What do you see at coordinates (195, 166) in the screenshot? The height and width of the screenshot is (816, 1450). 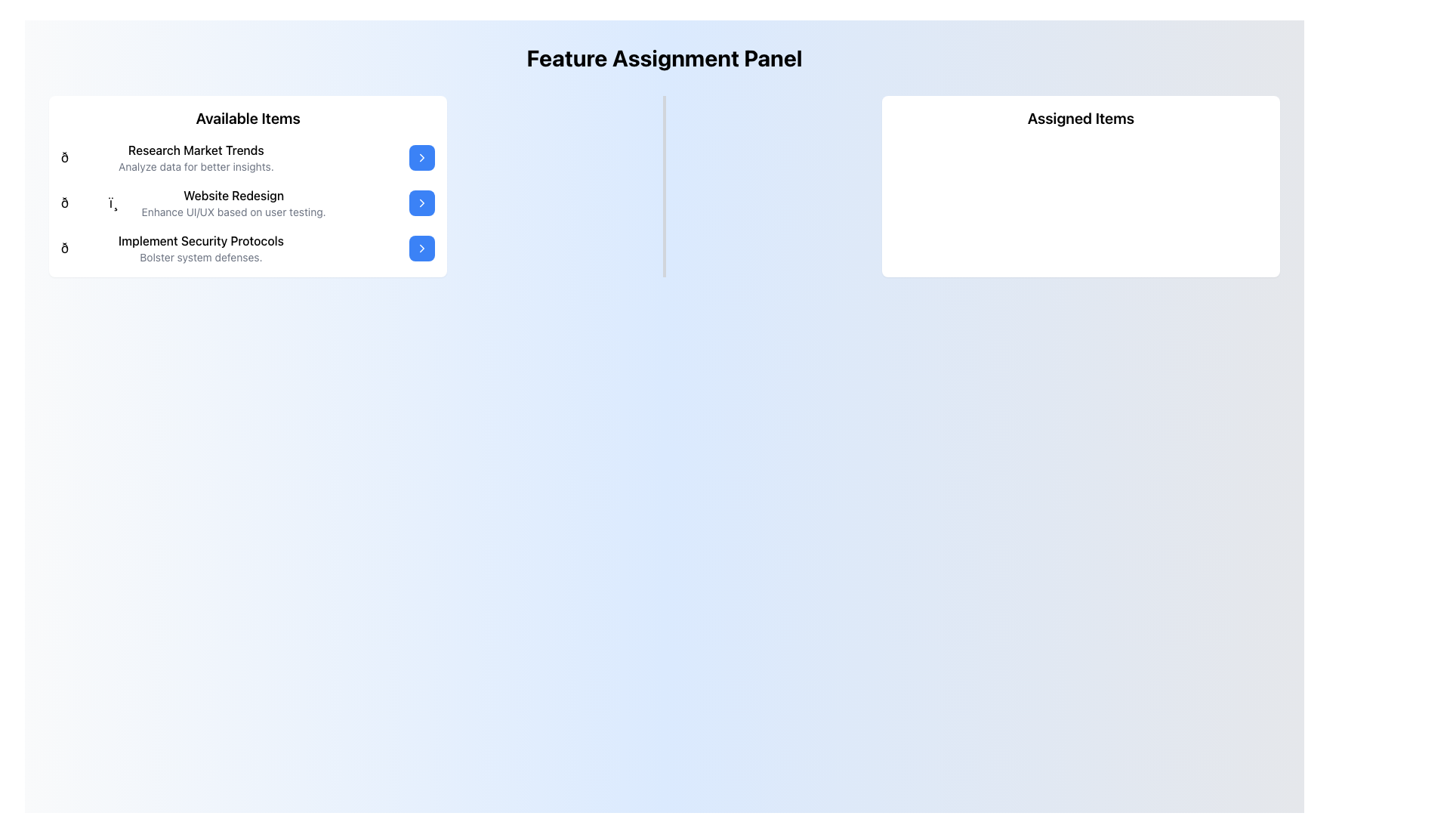 I see `the descriptive text element located directly below the 'Research Market Trends' title in the 'Available Items' panel` at bounding box center [195, 166].